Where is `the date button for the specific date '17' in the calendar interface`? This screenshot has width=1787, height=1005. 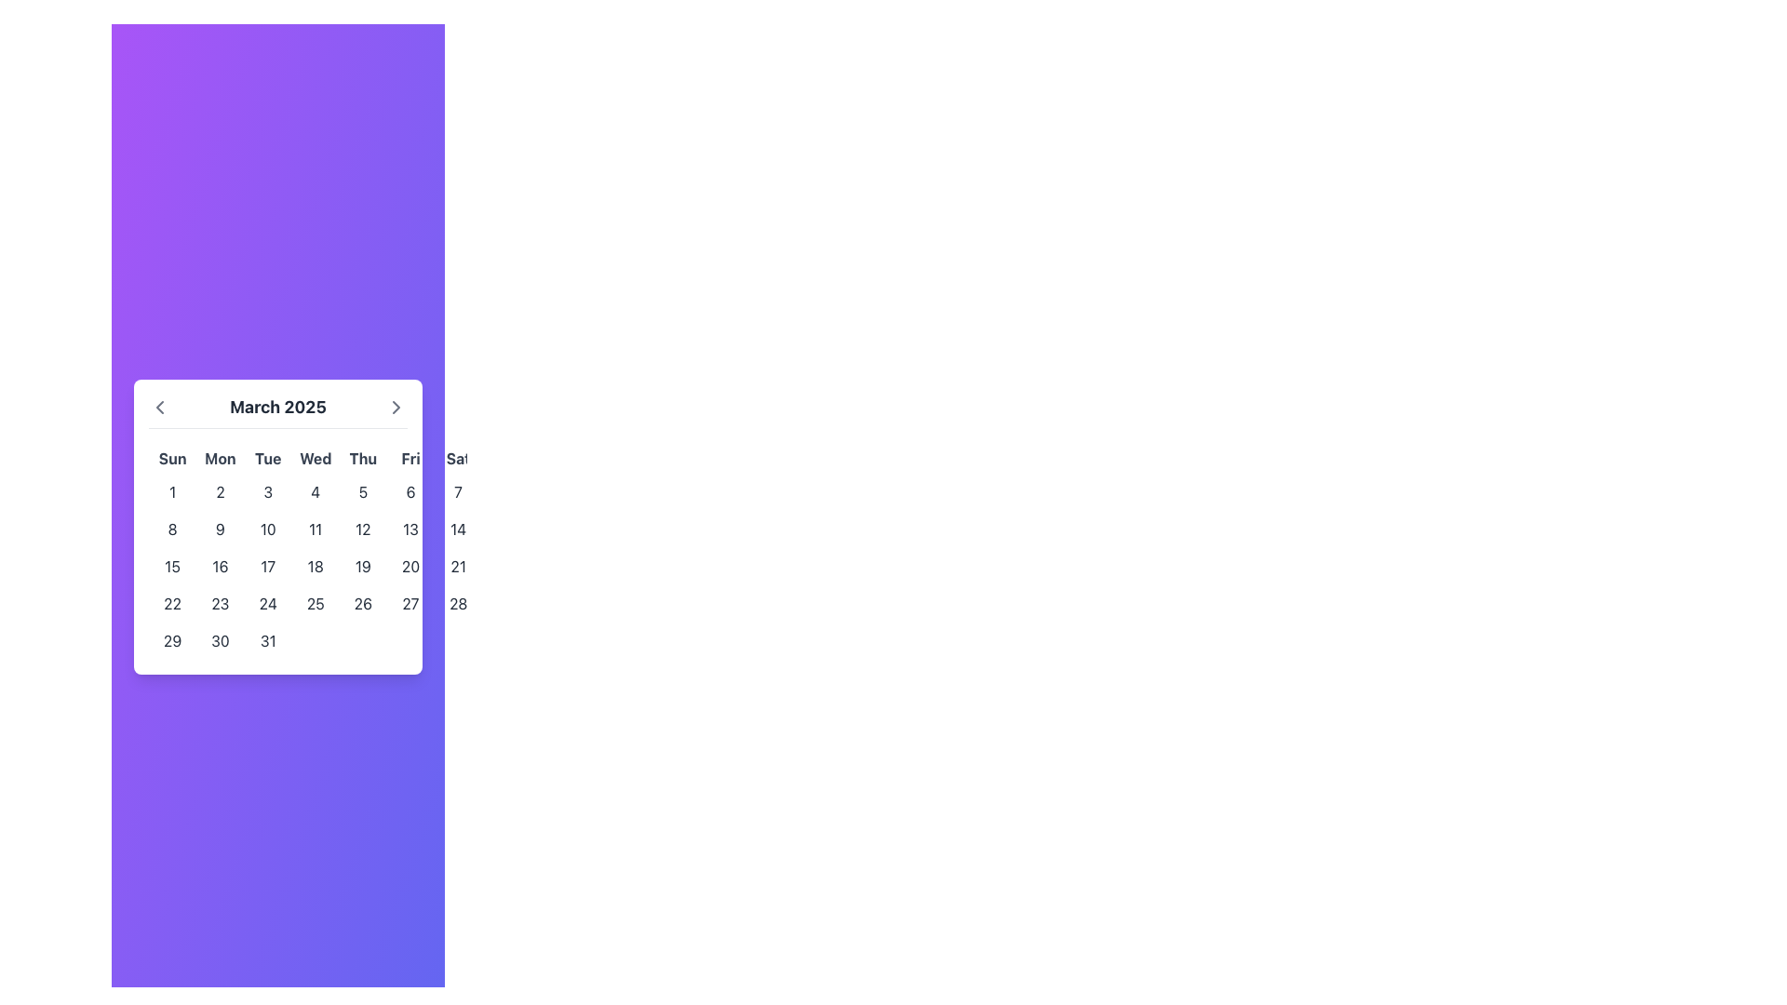 the date button for the specific date '17' in the calendar interface is located at coordinates (267, 565).